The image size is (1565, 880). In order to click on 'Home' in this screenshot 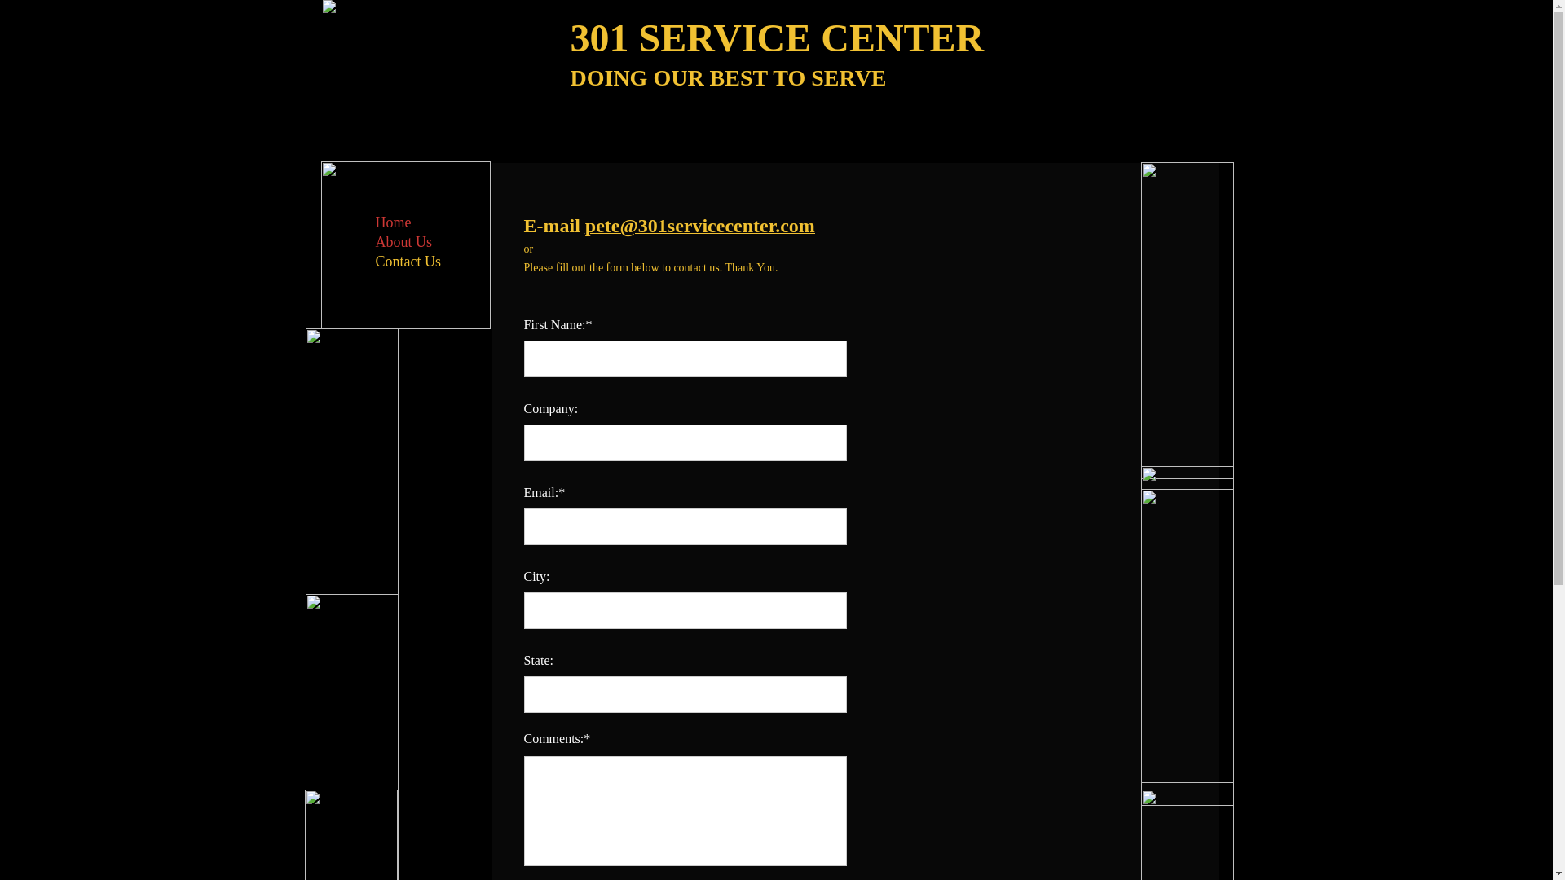, I will do `click(392, 222)`.